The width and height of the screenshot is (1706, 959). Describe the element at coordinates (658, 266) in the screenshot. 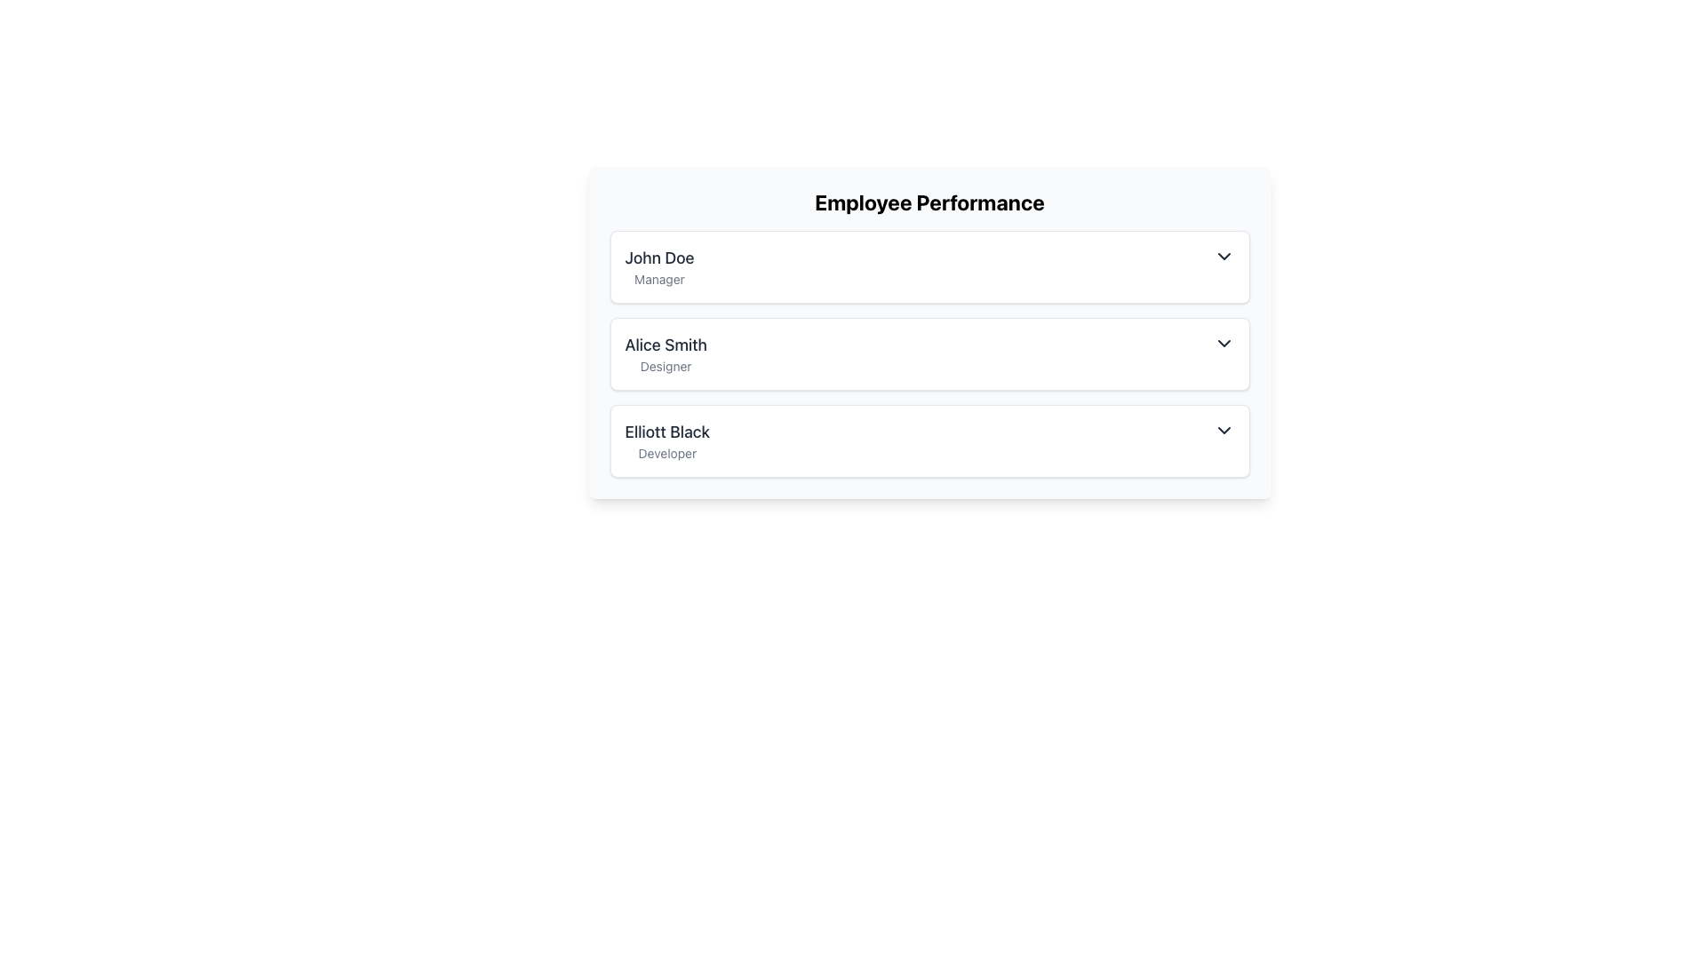

I see `the Text Display element showing 'John Doe - Manager' within the 'Employee Performance' card` at that location.